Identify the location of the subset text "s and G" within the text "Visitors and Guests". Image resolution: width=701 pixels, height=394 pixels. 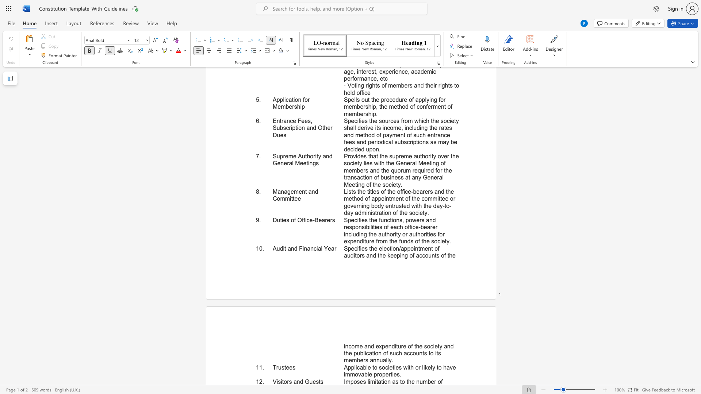
(288, 381).